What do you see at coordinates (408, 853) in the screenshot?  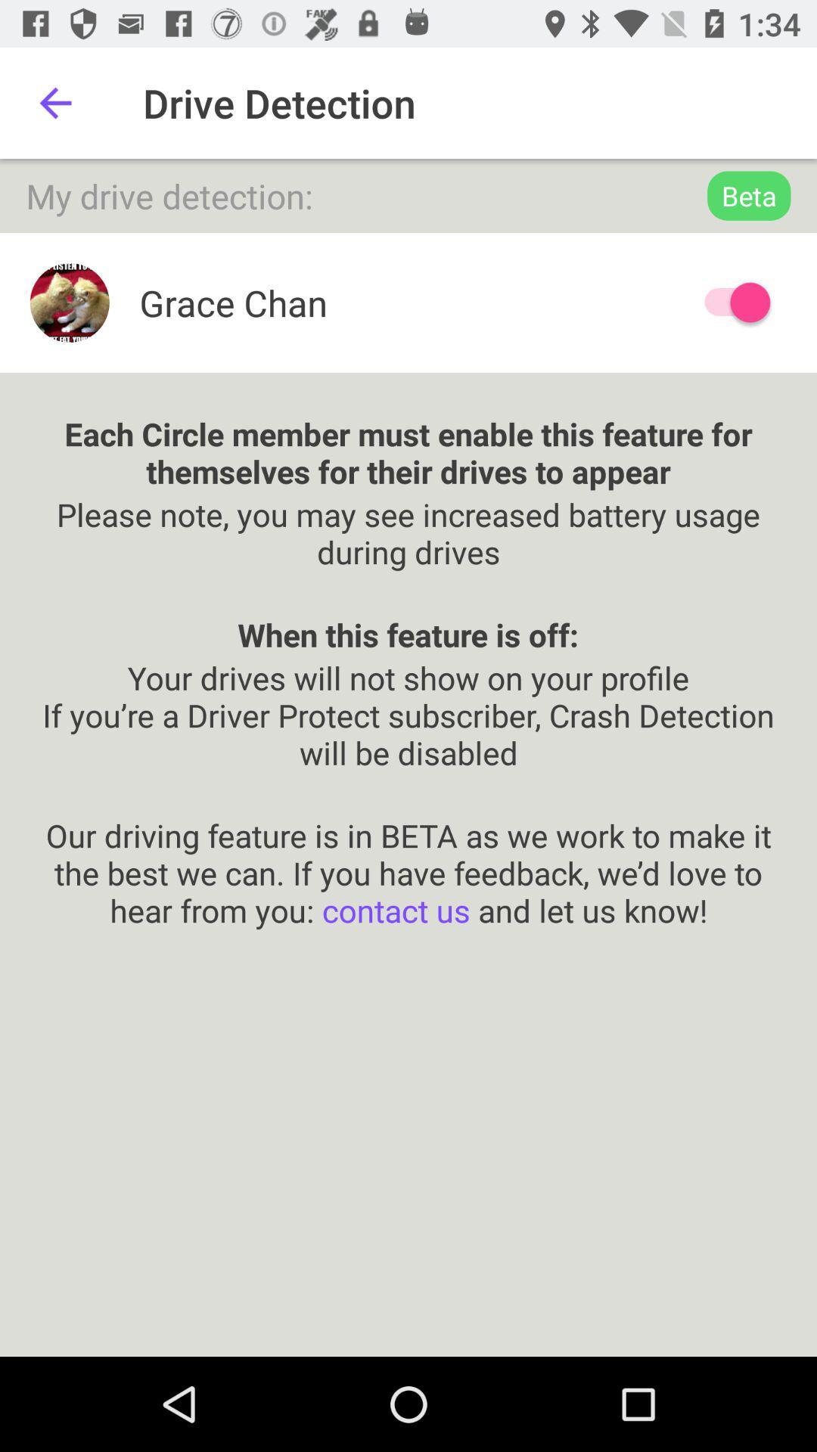 I see `icon below the your drives will item` at bounding box center [408, 853].